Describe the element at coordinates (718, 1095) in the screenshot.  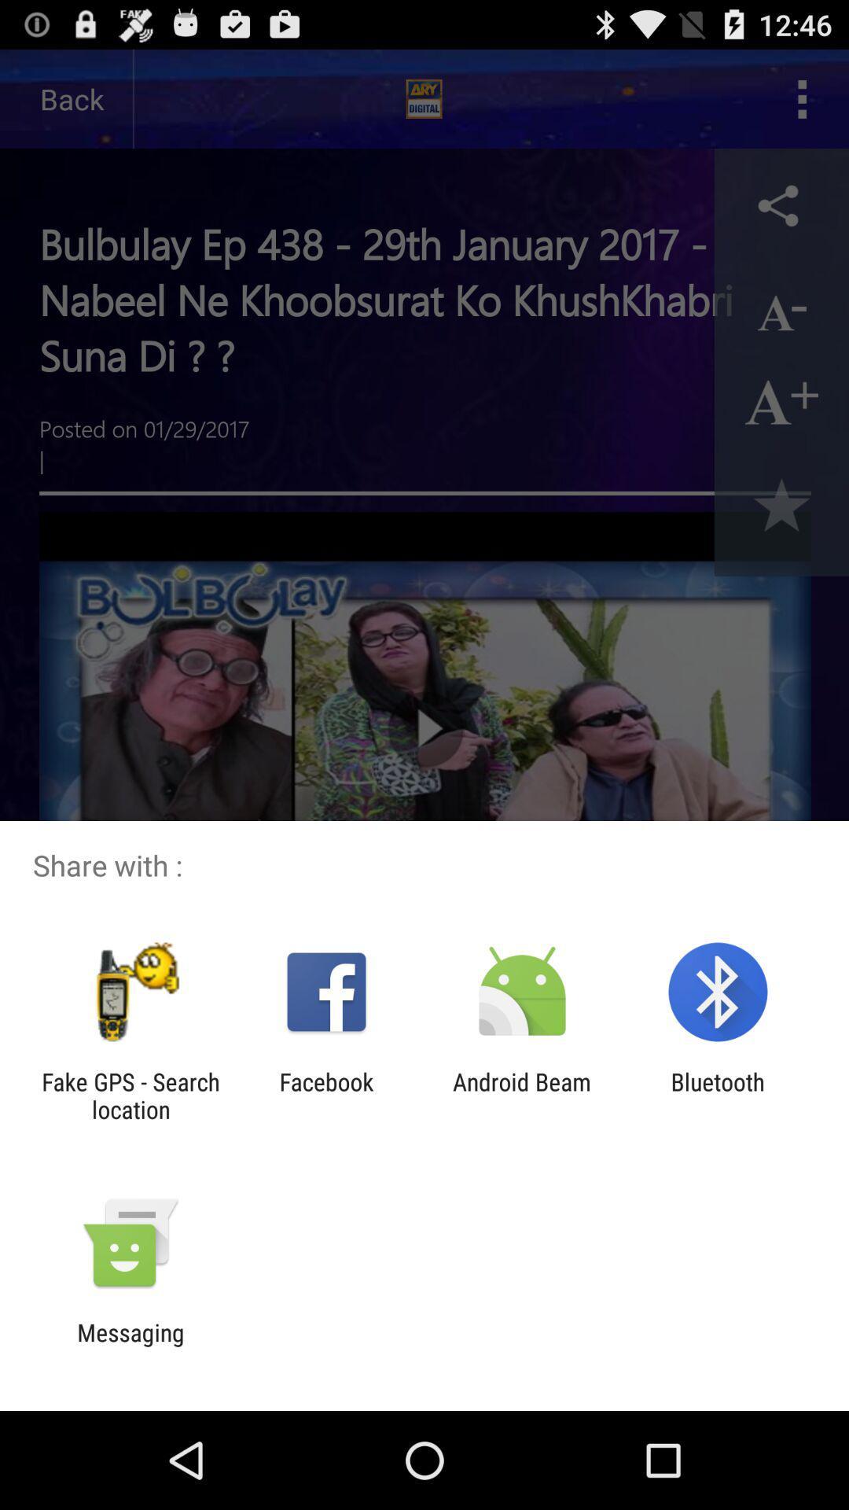
I see `the app at the bottom right corner` at that location.